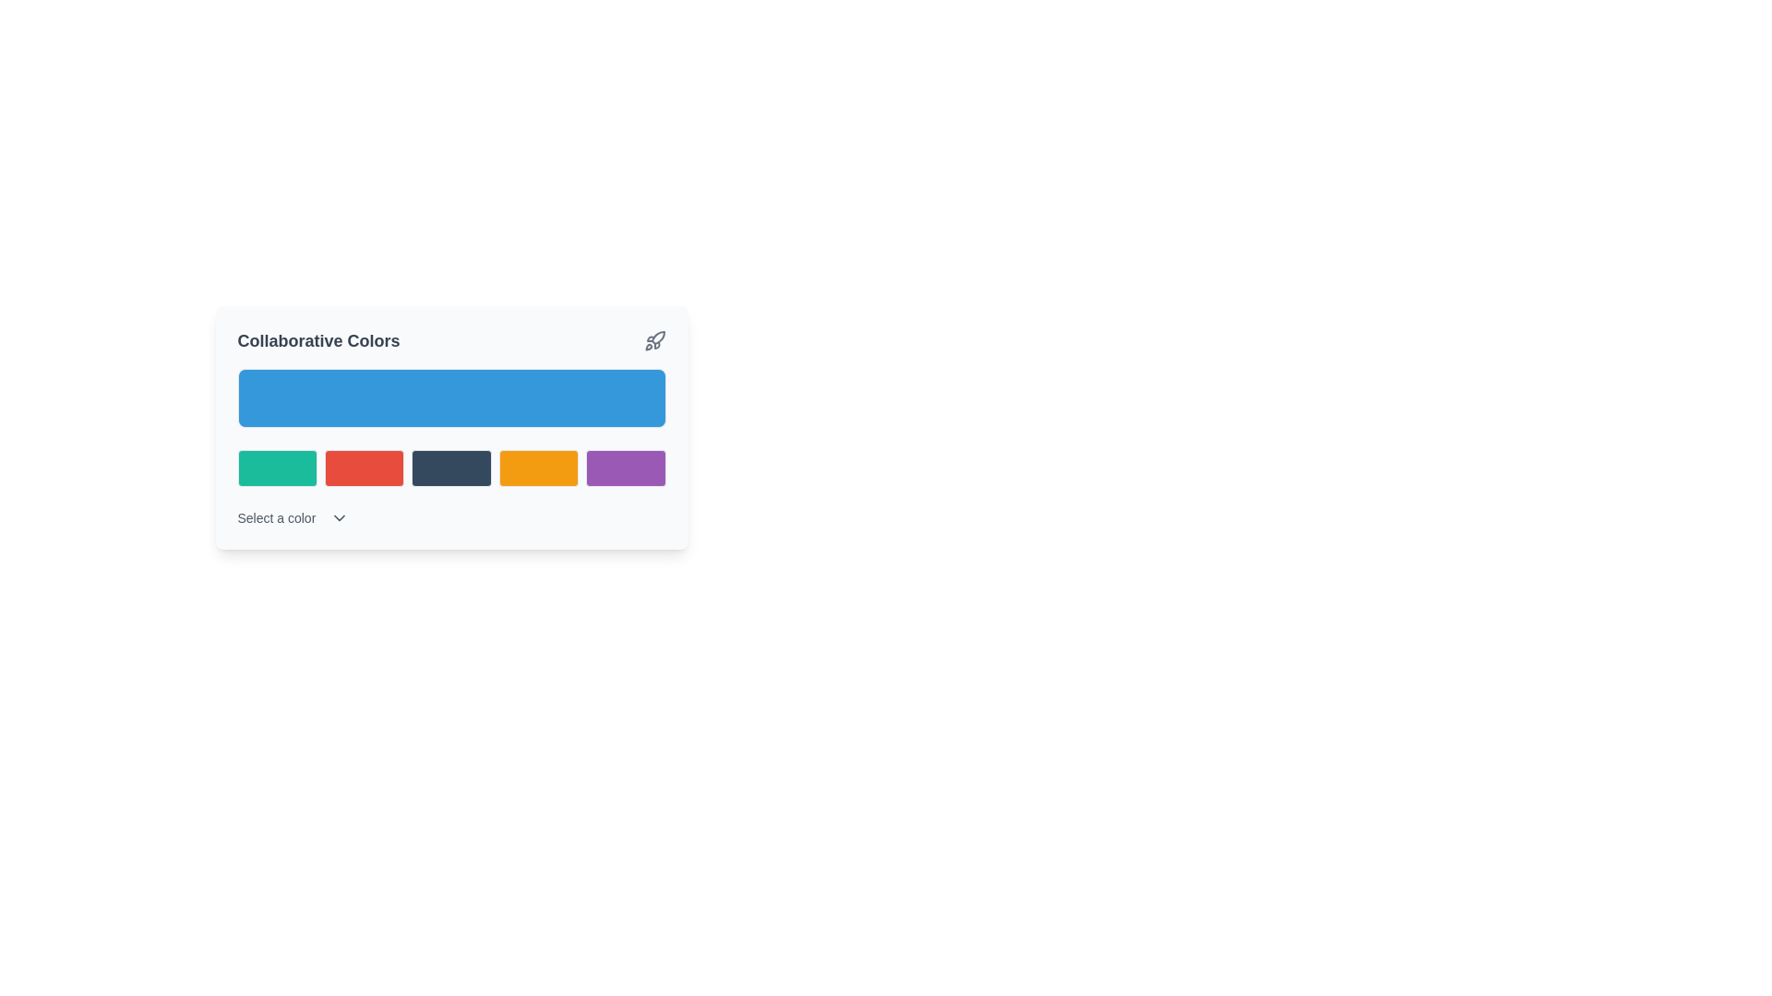 The width and height of the screenshot is (1772, 996). Describe the element at coordinates (537, 468) in the screenshot. I see `the fourth button in a horizontal set of five buttons, located between a dark blue button and a purple button` at that location.